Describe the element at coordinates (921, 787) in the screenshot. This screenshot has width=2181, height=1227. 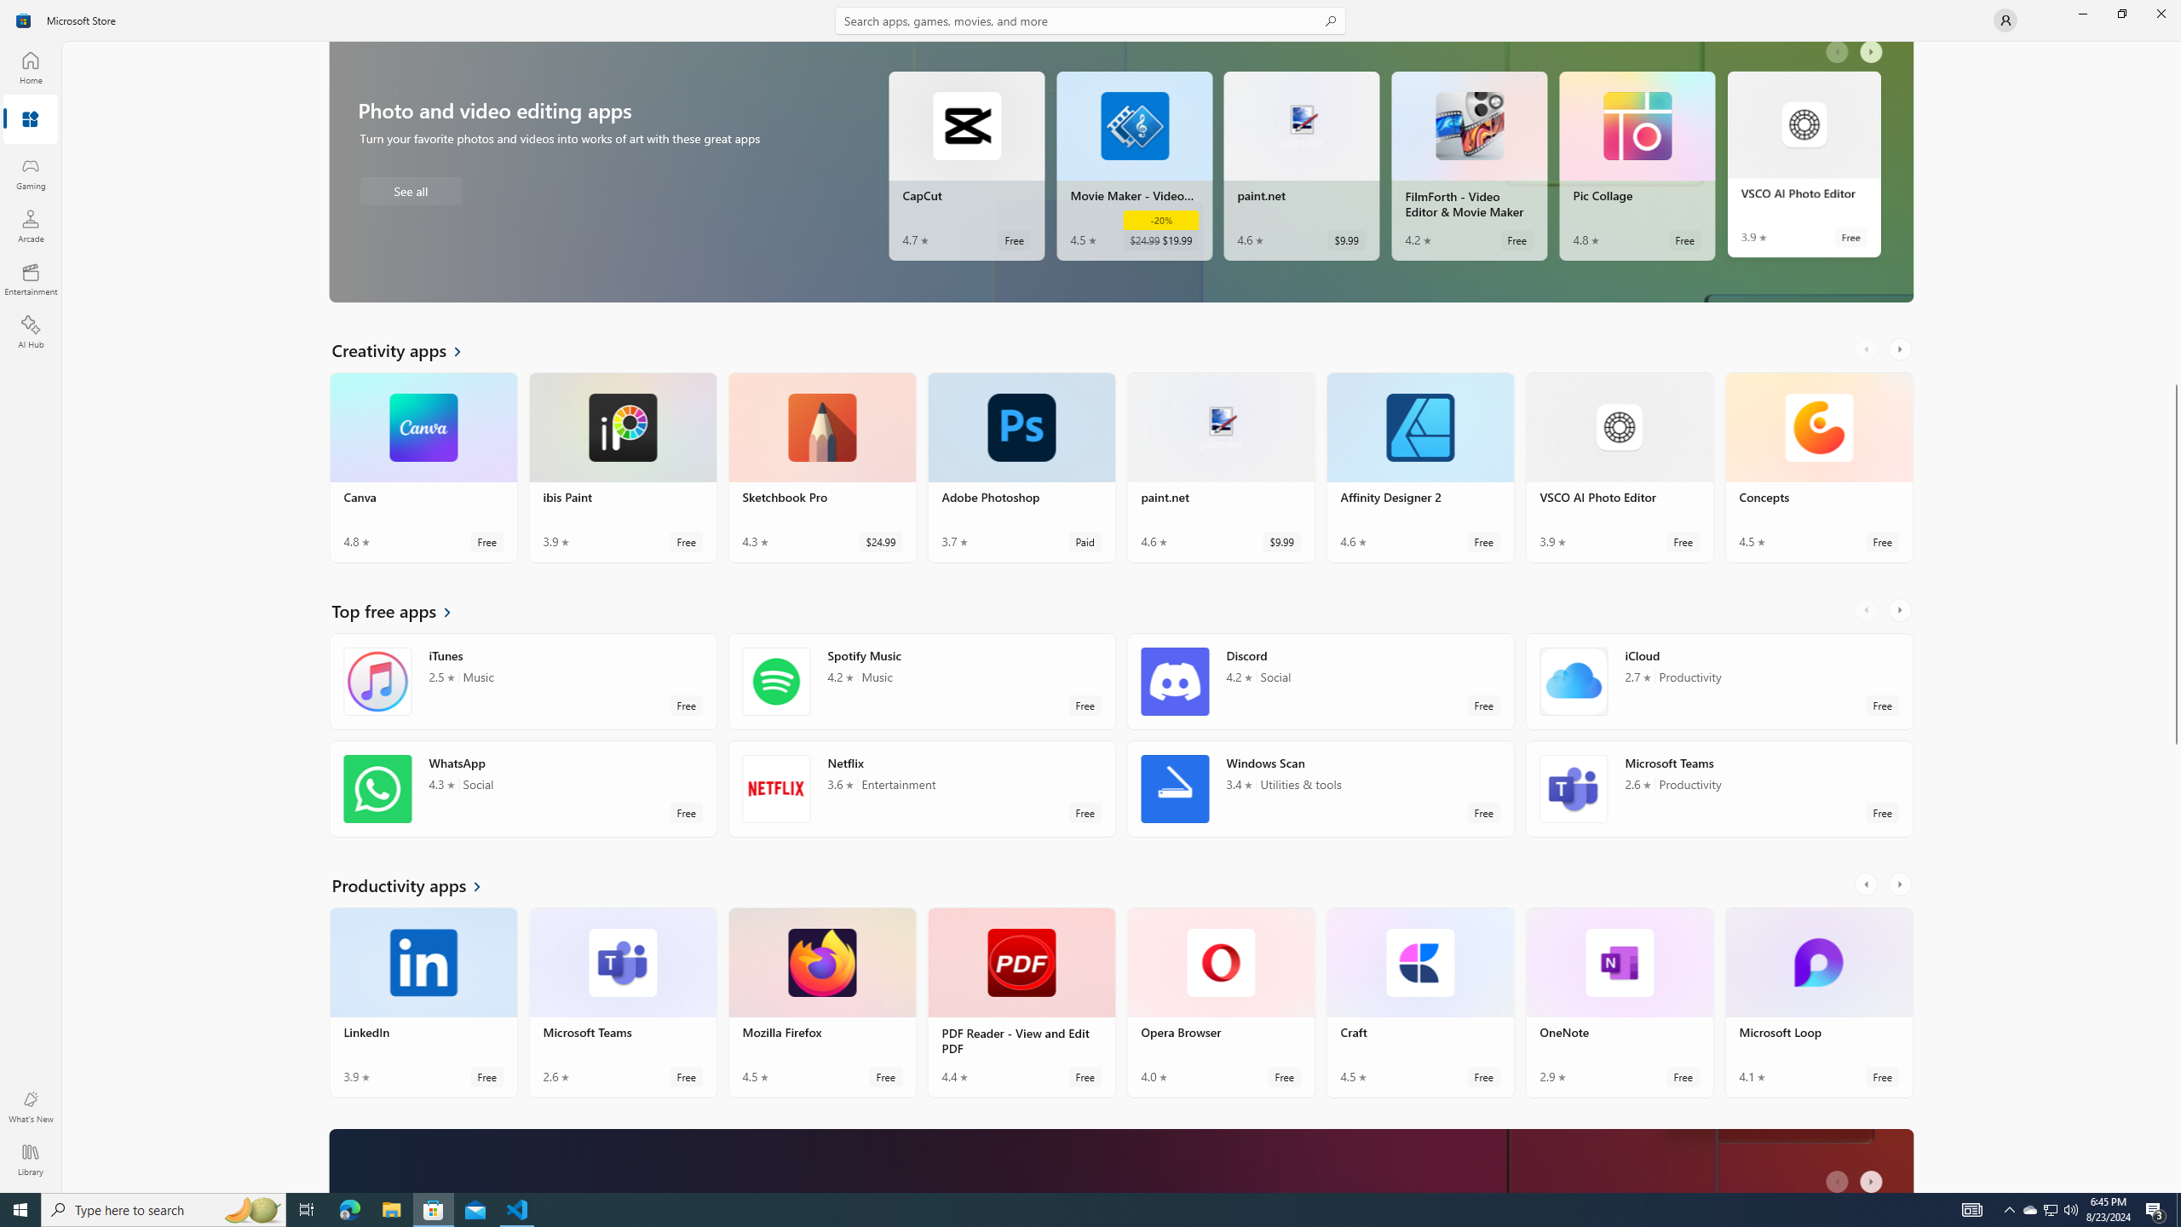
I see `'Netflix. Average rating of 3.6 out of five stars. Free  '` at that location.